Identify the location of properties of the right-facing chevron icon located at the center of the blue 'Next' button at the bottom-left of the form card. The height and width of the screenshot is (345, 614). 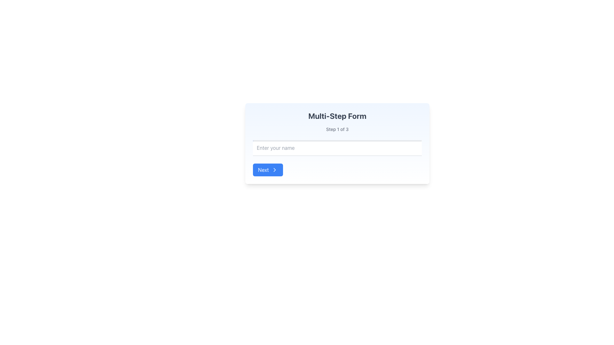
(274, 170).